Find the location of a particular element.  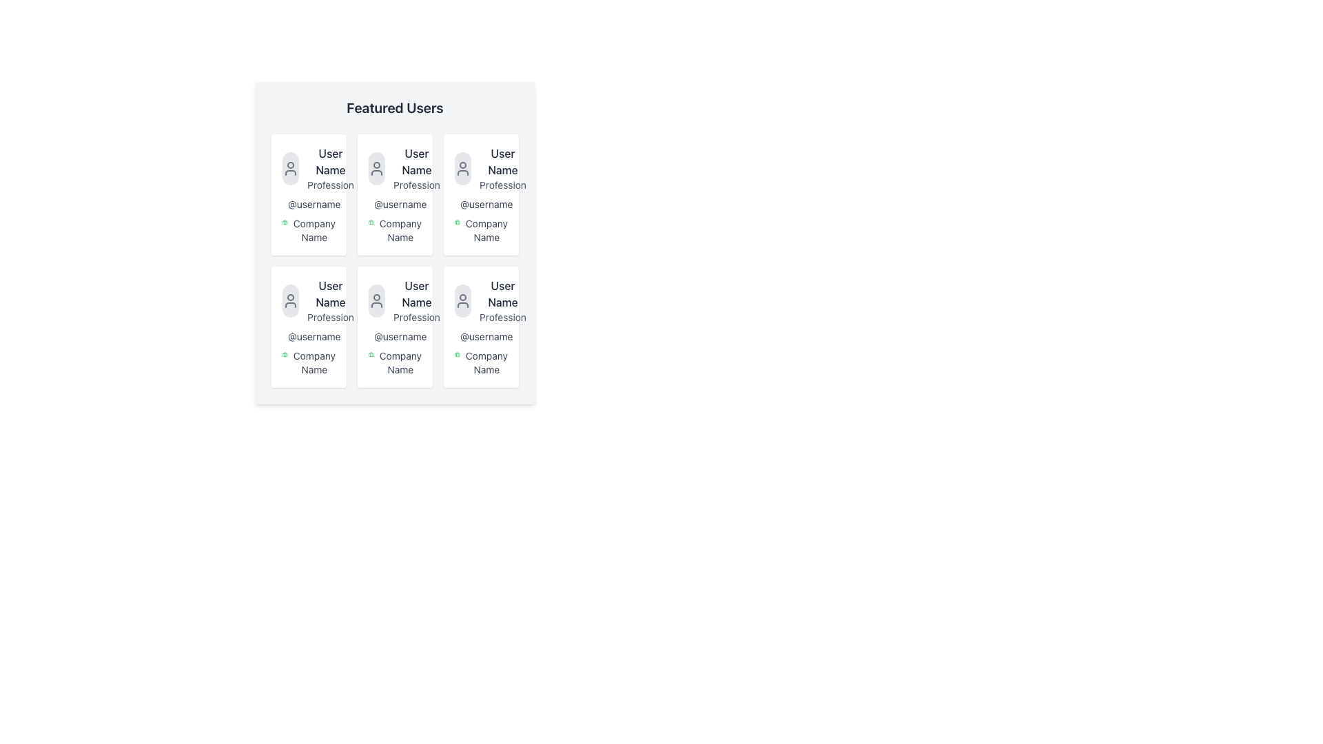

the Information display card that shows the name and profession of a user, located in the top-left corner of the 2x3 grid under 'Featured Users' is located at coordinates (308, 168).